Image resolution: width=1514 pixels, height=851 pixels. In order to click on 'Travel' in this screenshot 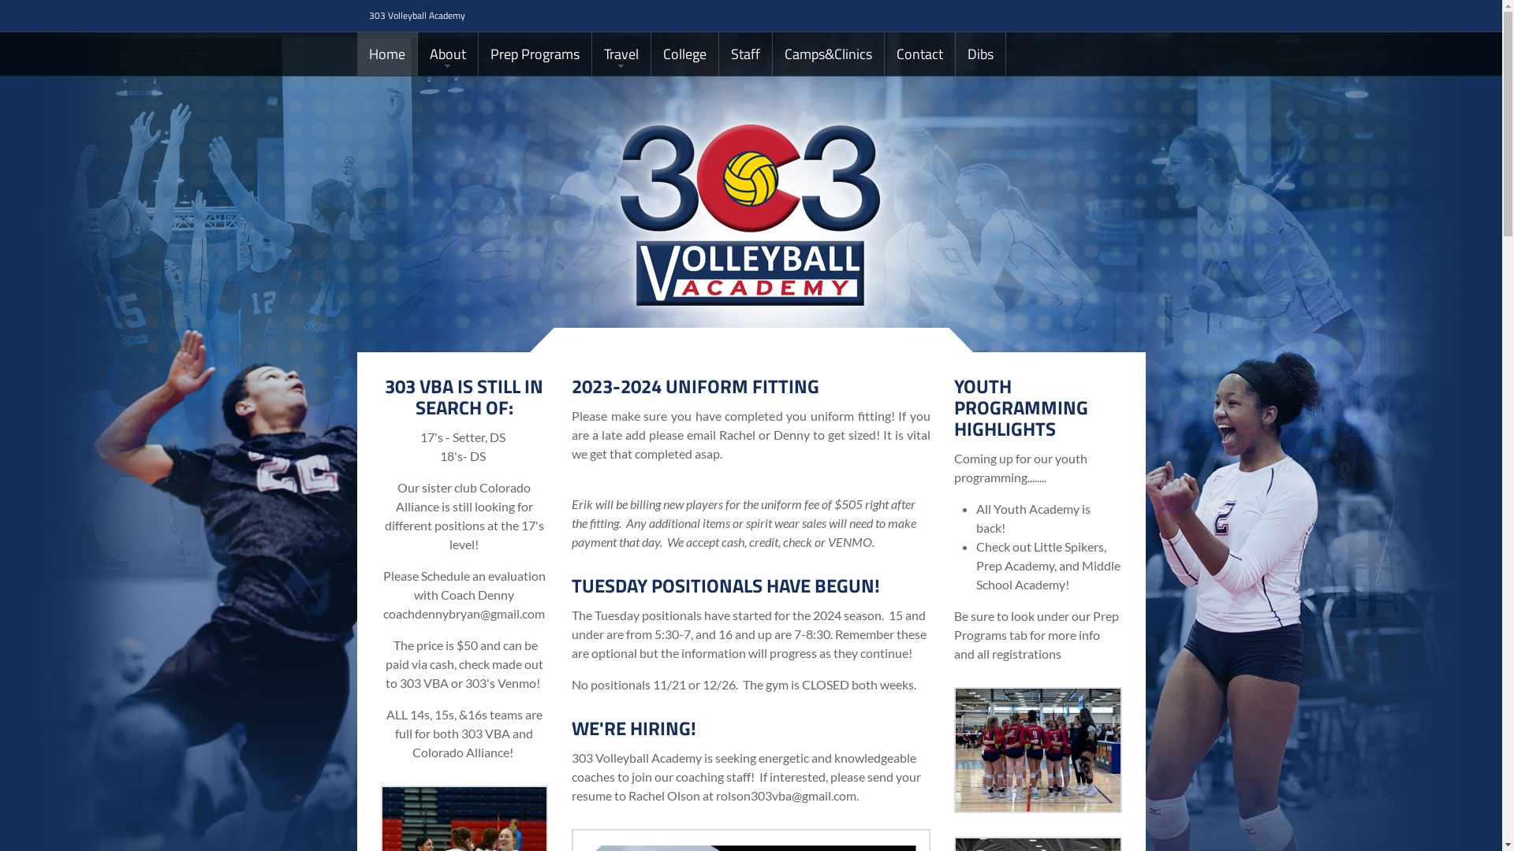, I will do `click(620, 53)`.